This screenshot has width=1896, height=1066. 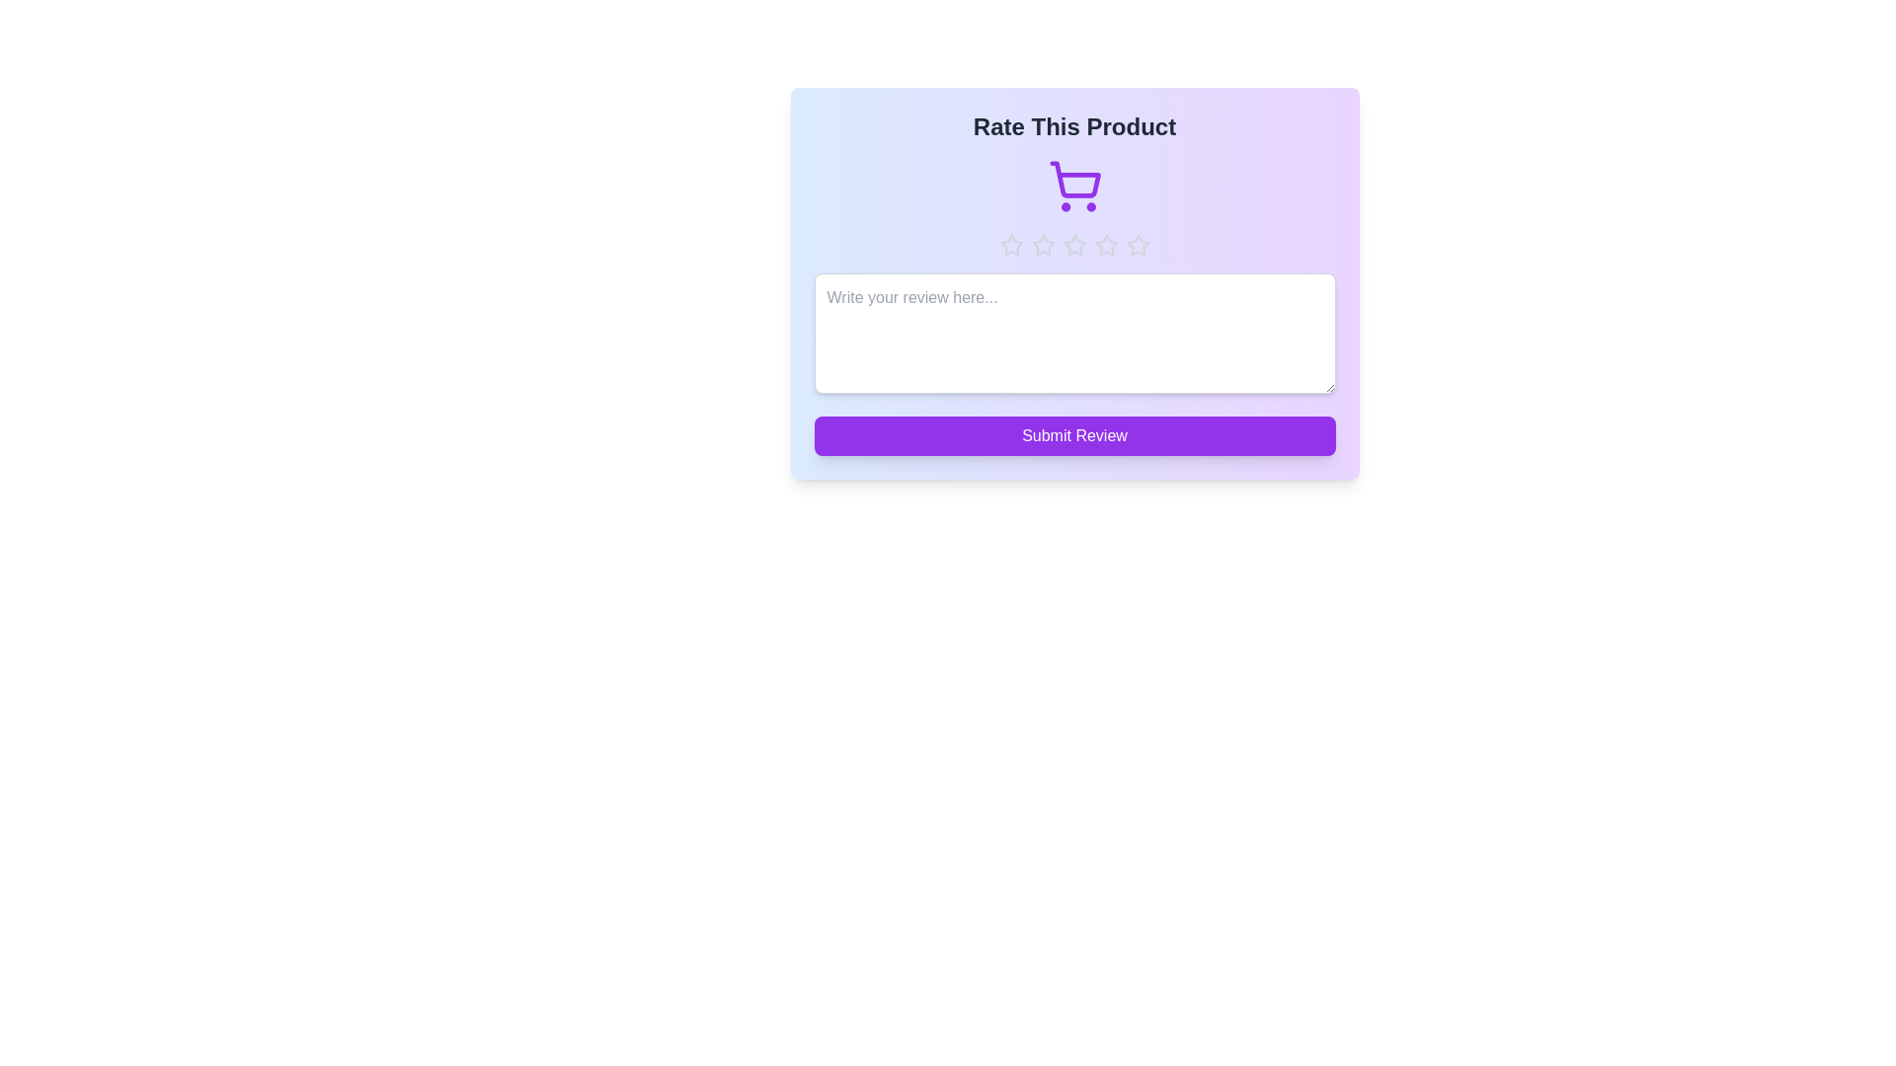 I want to click on the star representing 4 stars to preview the rating, so click(x=1106, y=245).